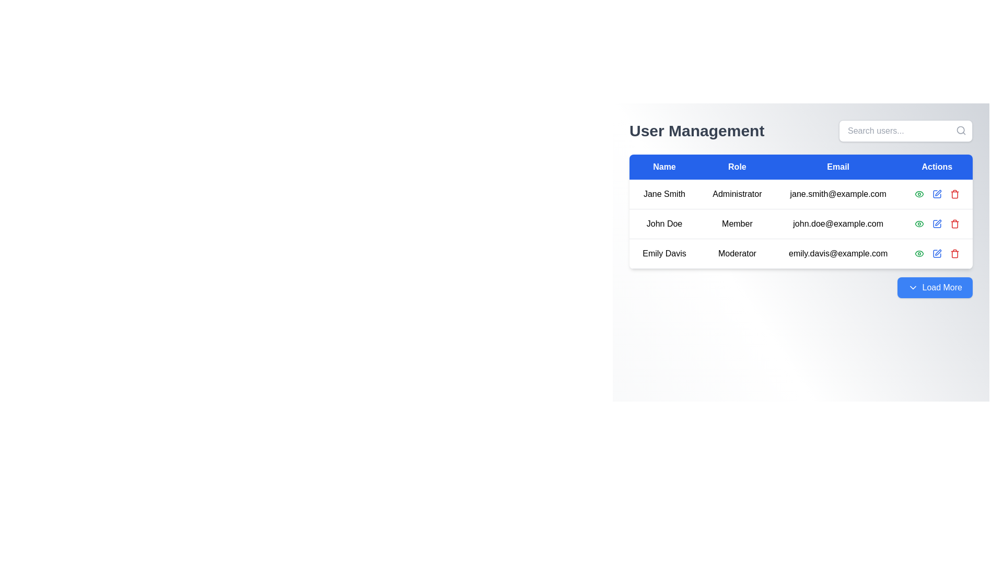  I want to click on the text label identifying the name of the user in the first column of the third row, so click(663, 254).